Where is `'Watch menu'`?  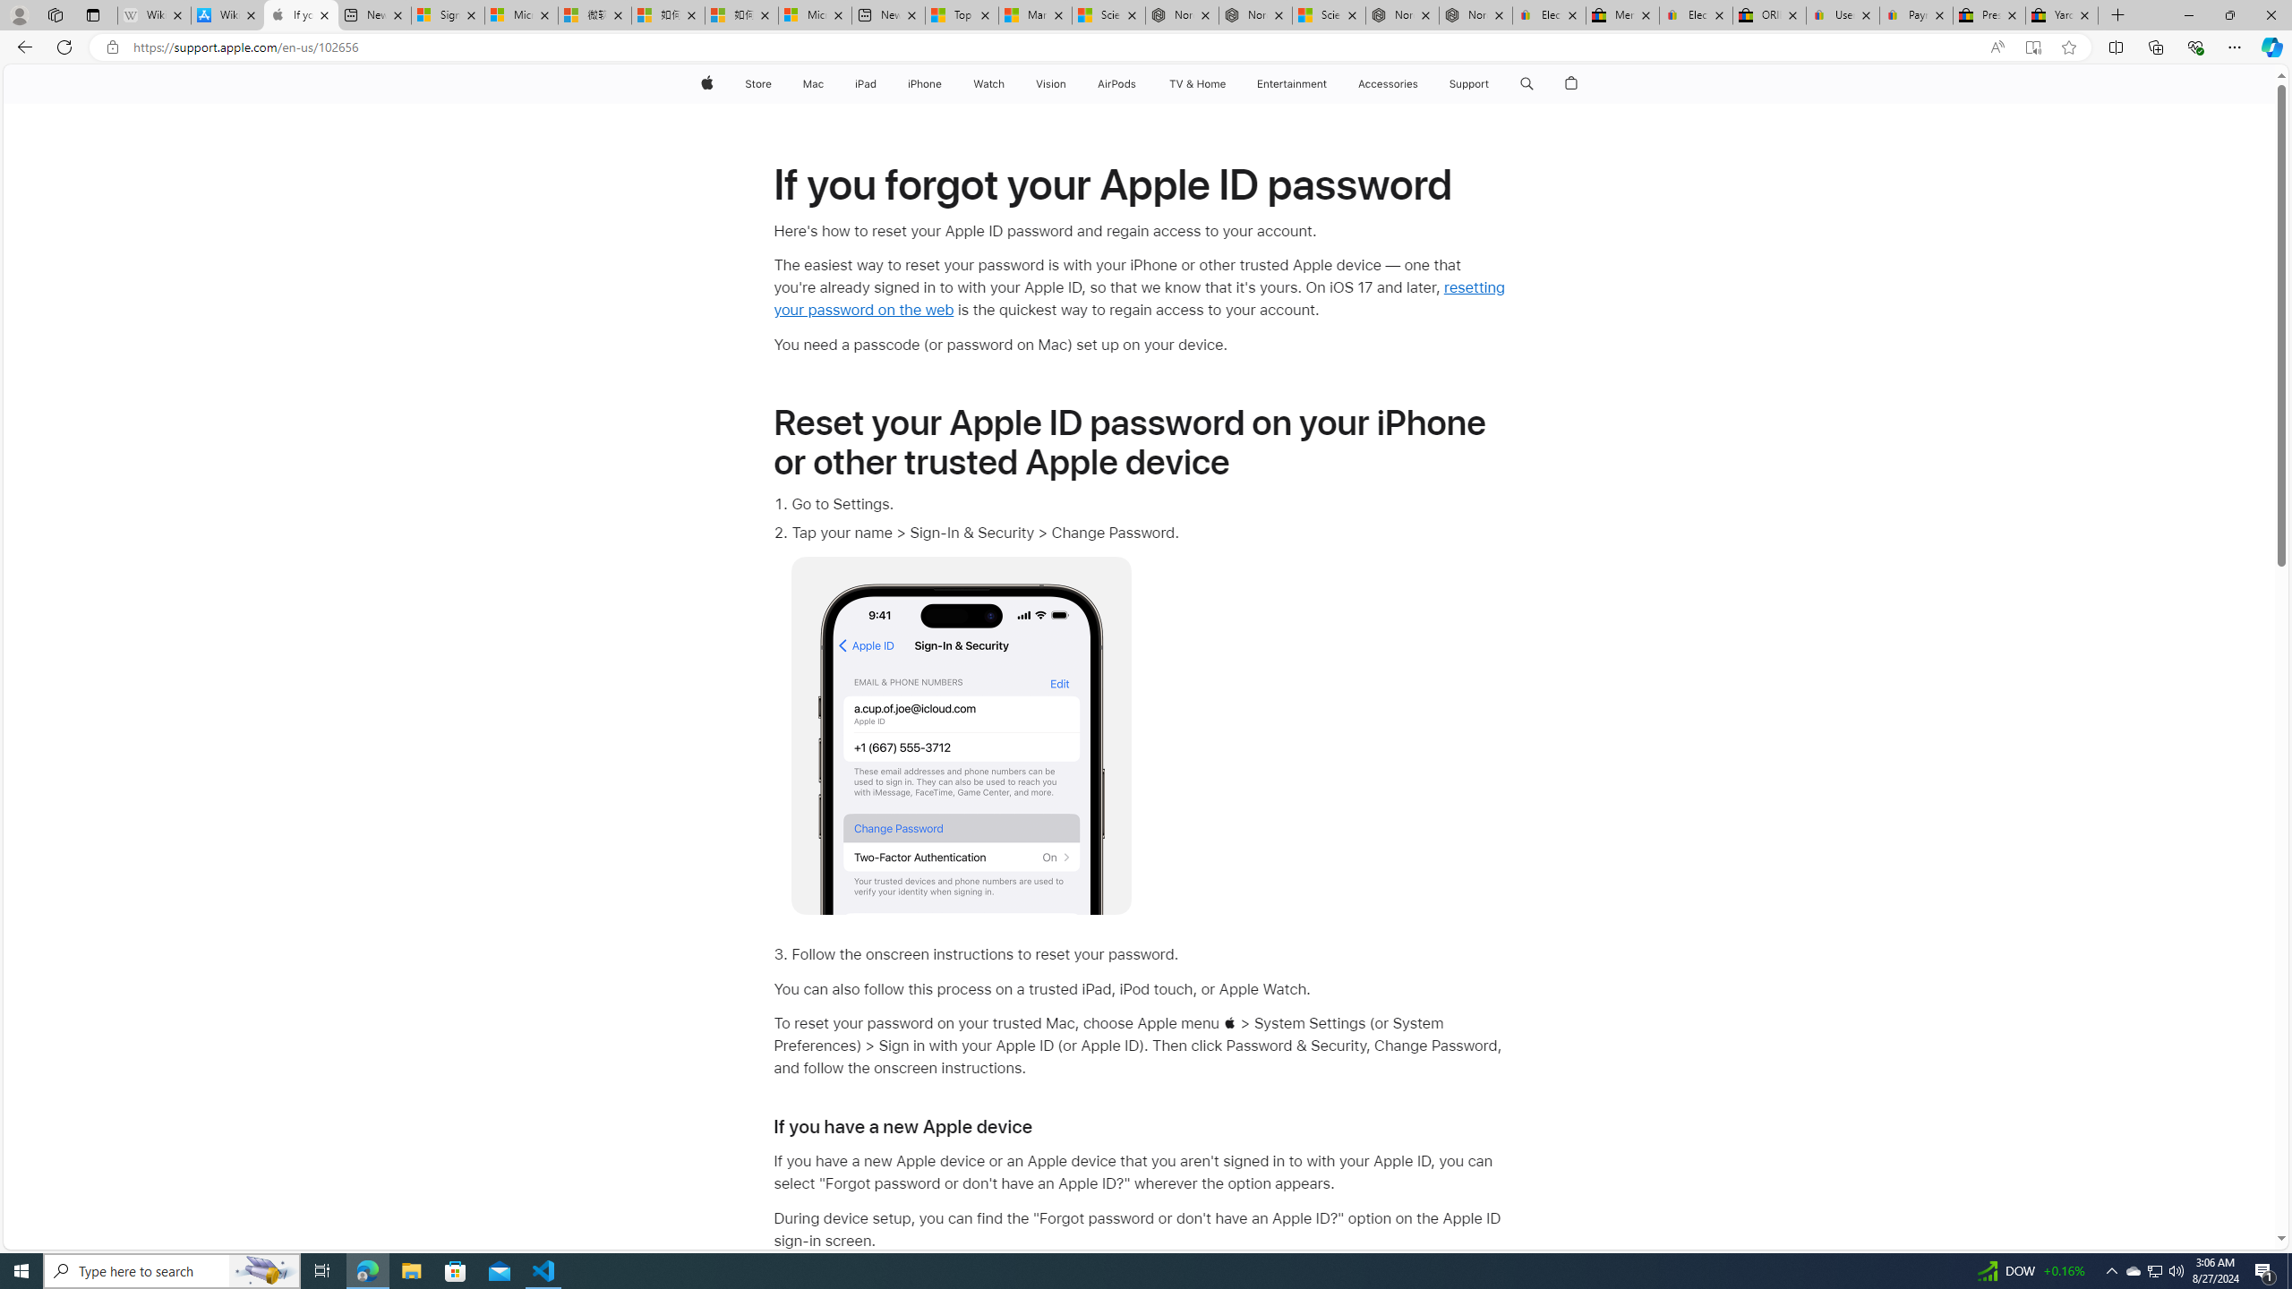
'Watch menu' is located at coordinates (1008, 83).